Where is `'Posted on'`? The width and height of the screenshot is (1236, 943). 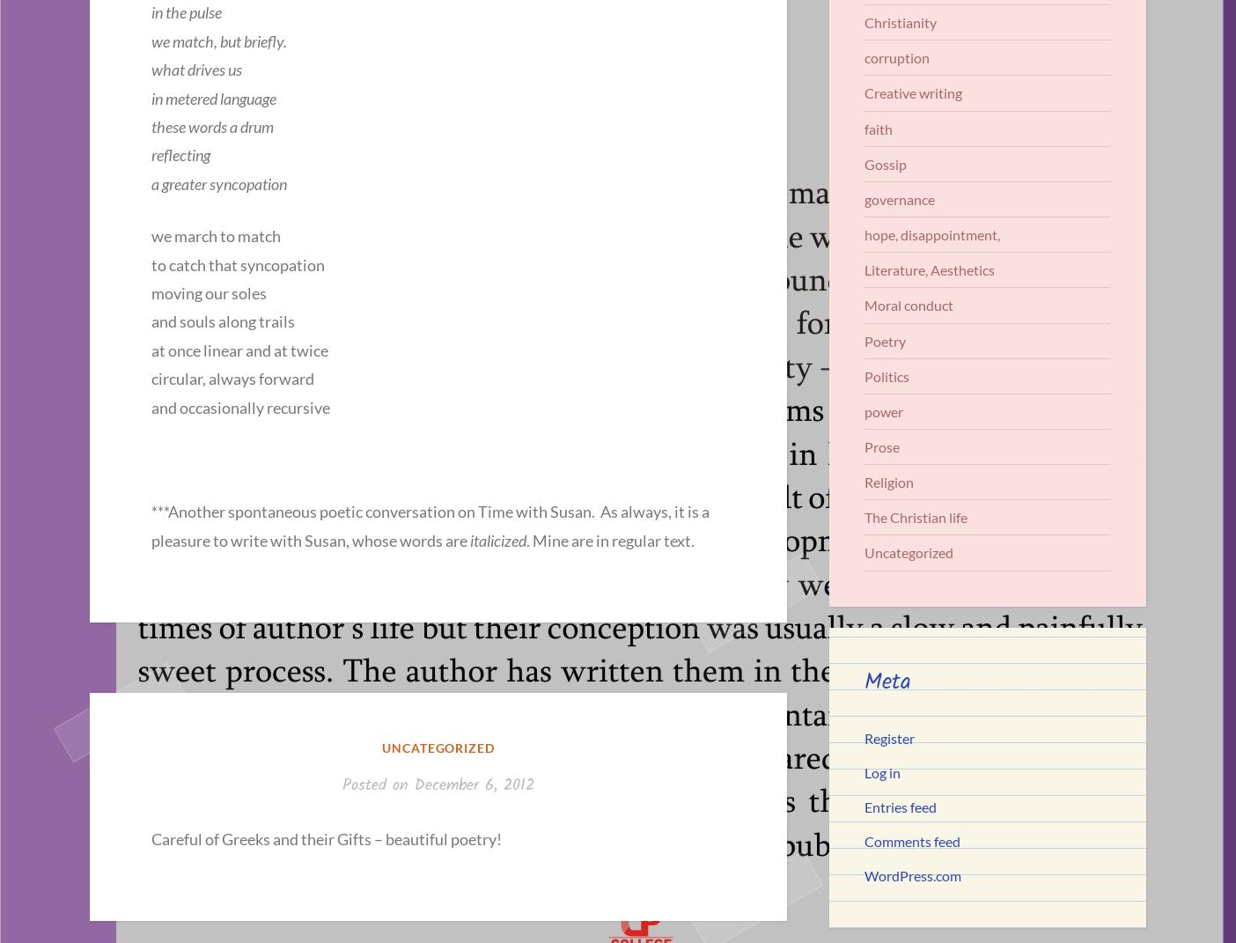 'Posted on' is located at coordinates (342, 785).